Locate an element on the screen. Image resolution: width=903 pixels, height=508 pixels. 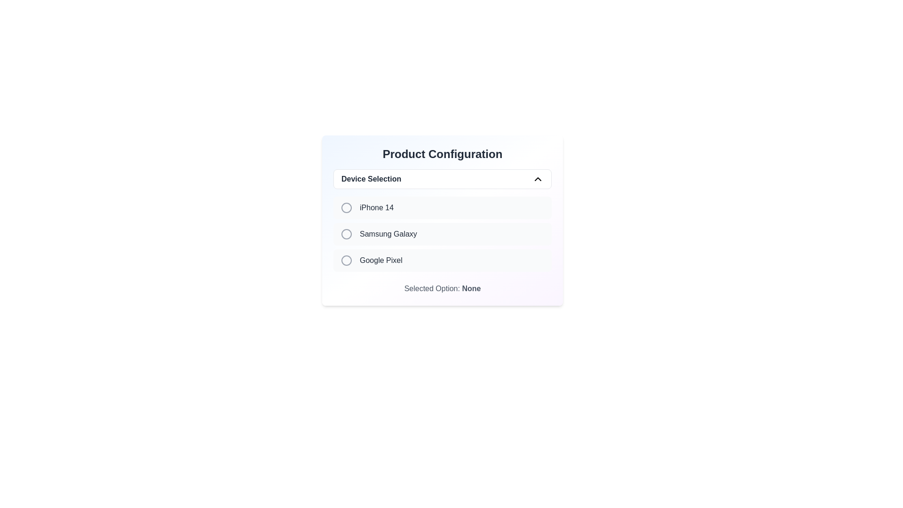
the radio button for 'iPhone 14' is located at coordinates (346, 207).